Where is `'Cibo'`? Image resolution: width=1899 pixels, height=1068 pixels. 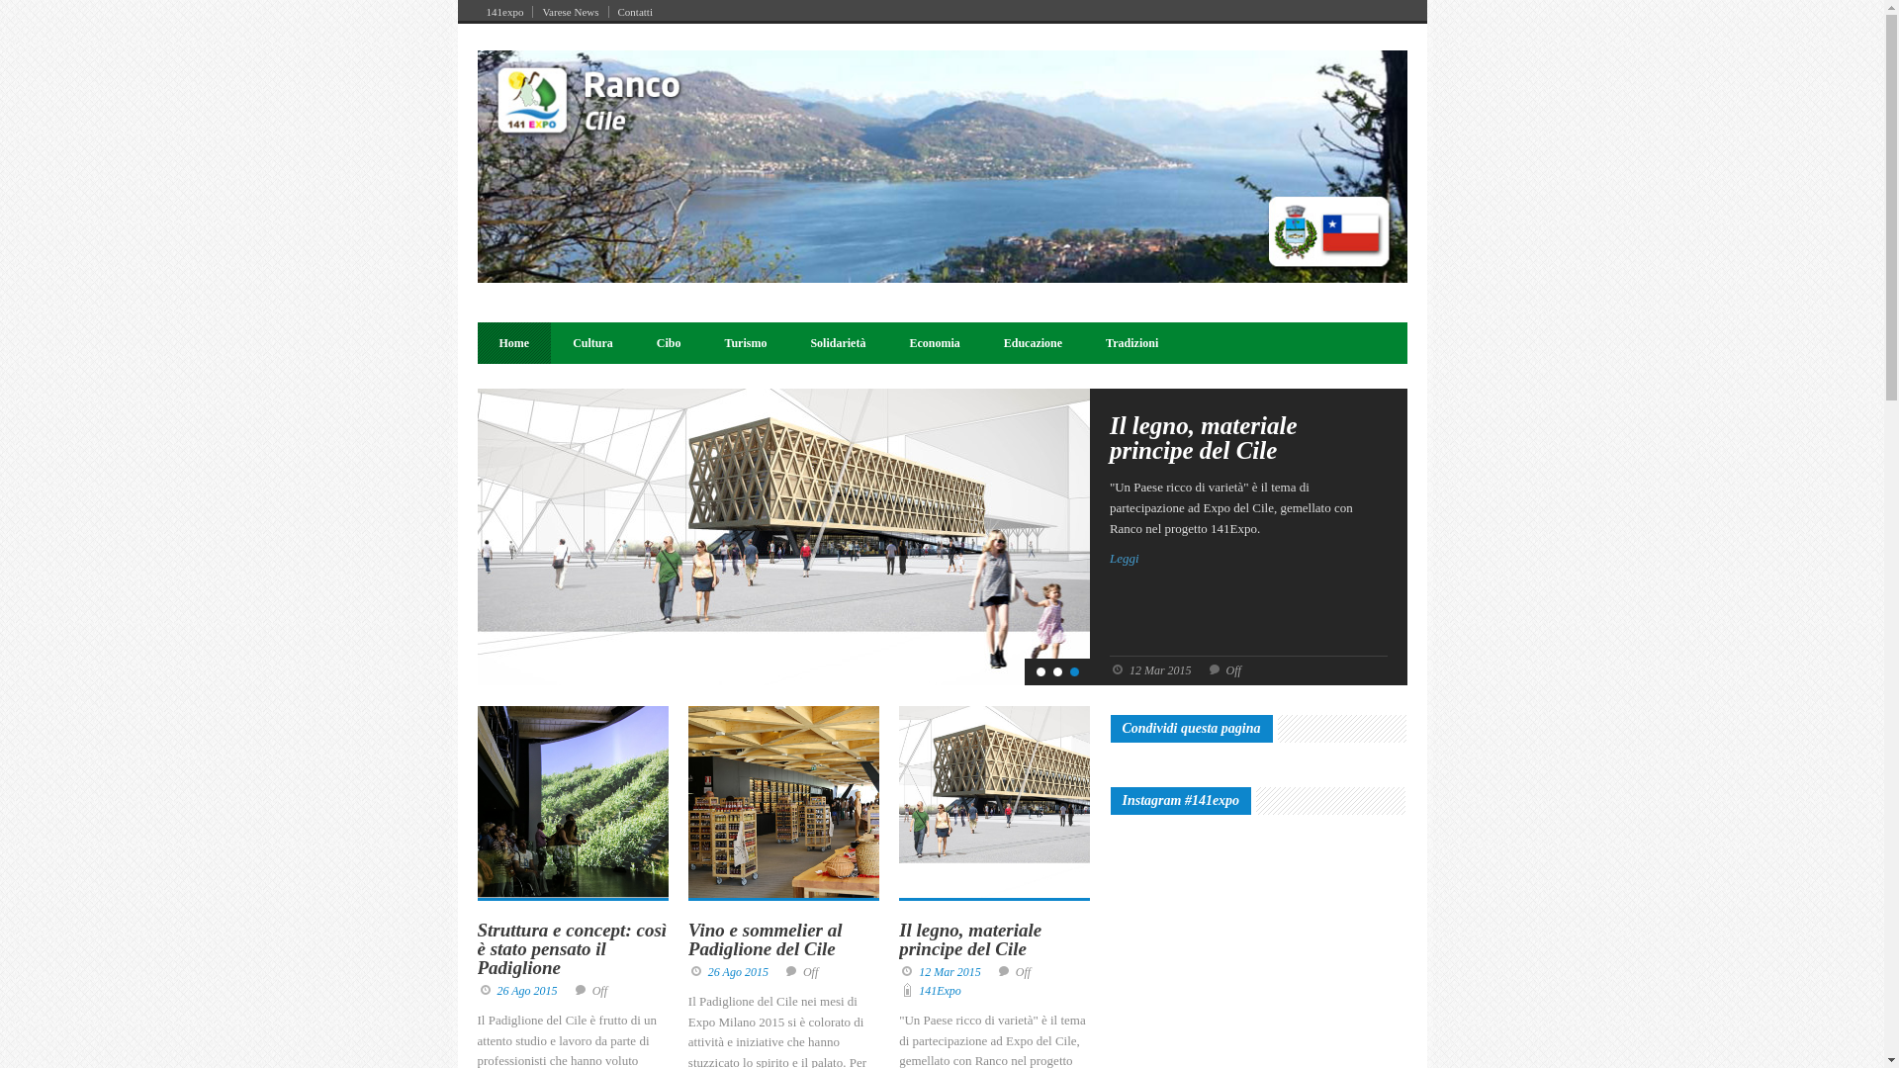
'Cibo' is located at coordinates (669, 342).